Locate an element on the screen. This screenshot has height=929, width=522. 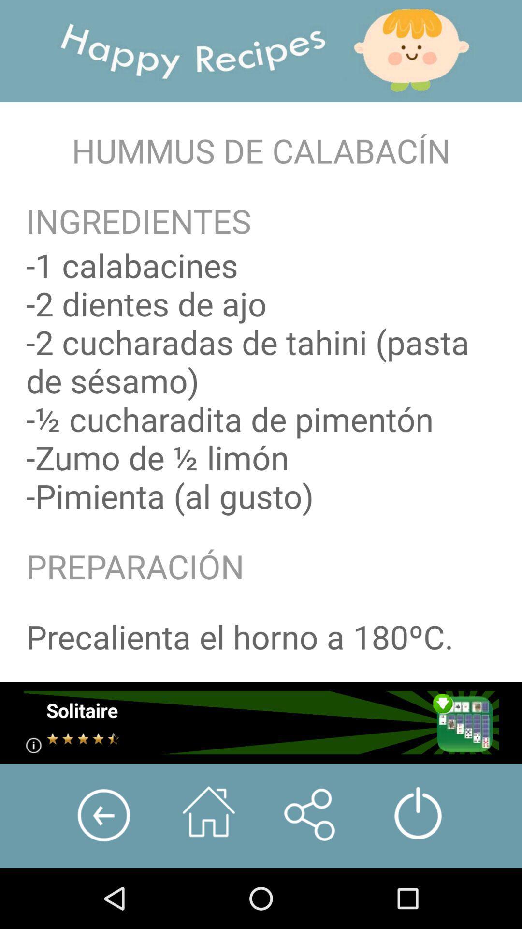
the app below precalienta el horno app is located at coordinates (260, 722).